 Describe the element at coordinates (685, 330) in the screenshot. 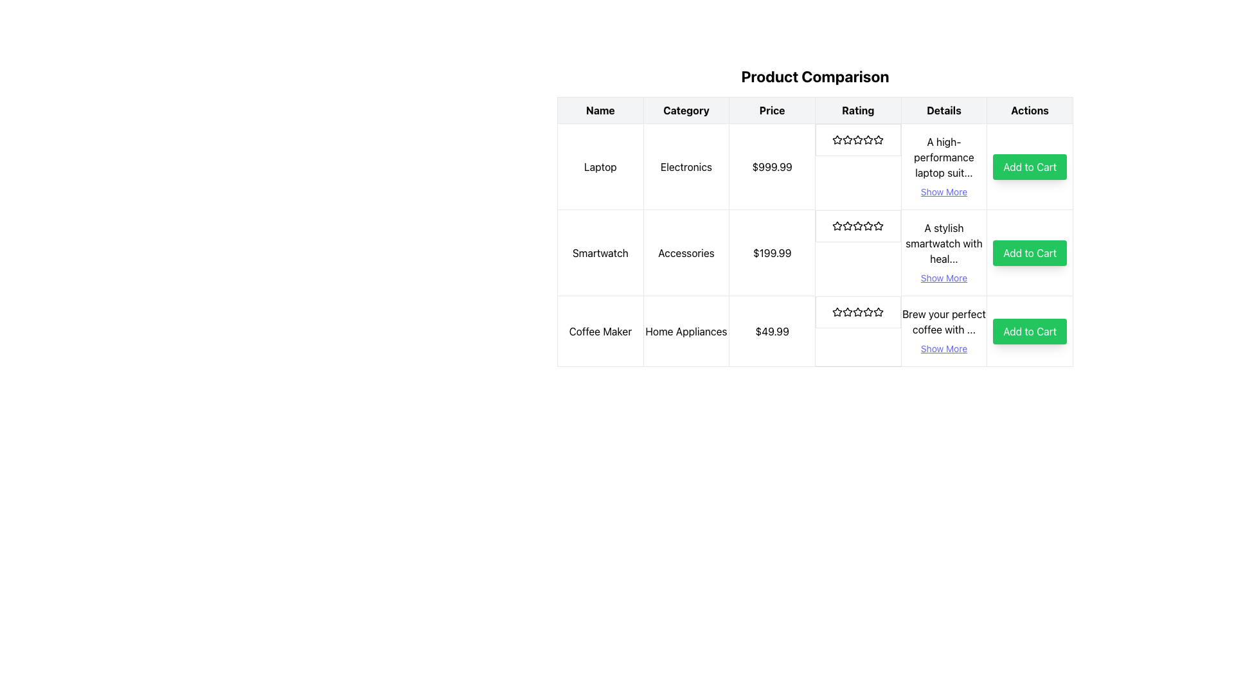

I see `the 'Home Appliances' text label in the product comparison table, which is located in the third row under the 'Category' column, positioned between 'Coffee Maker' and '$49.99'` at that location.